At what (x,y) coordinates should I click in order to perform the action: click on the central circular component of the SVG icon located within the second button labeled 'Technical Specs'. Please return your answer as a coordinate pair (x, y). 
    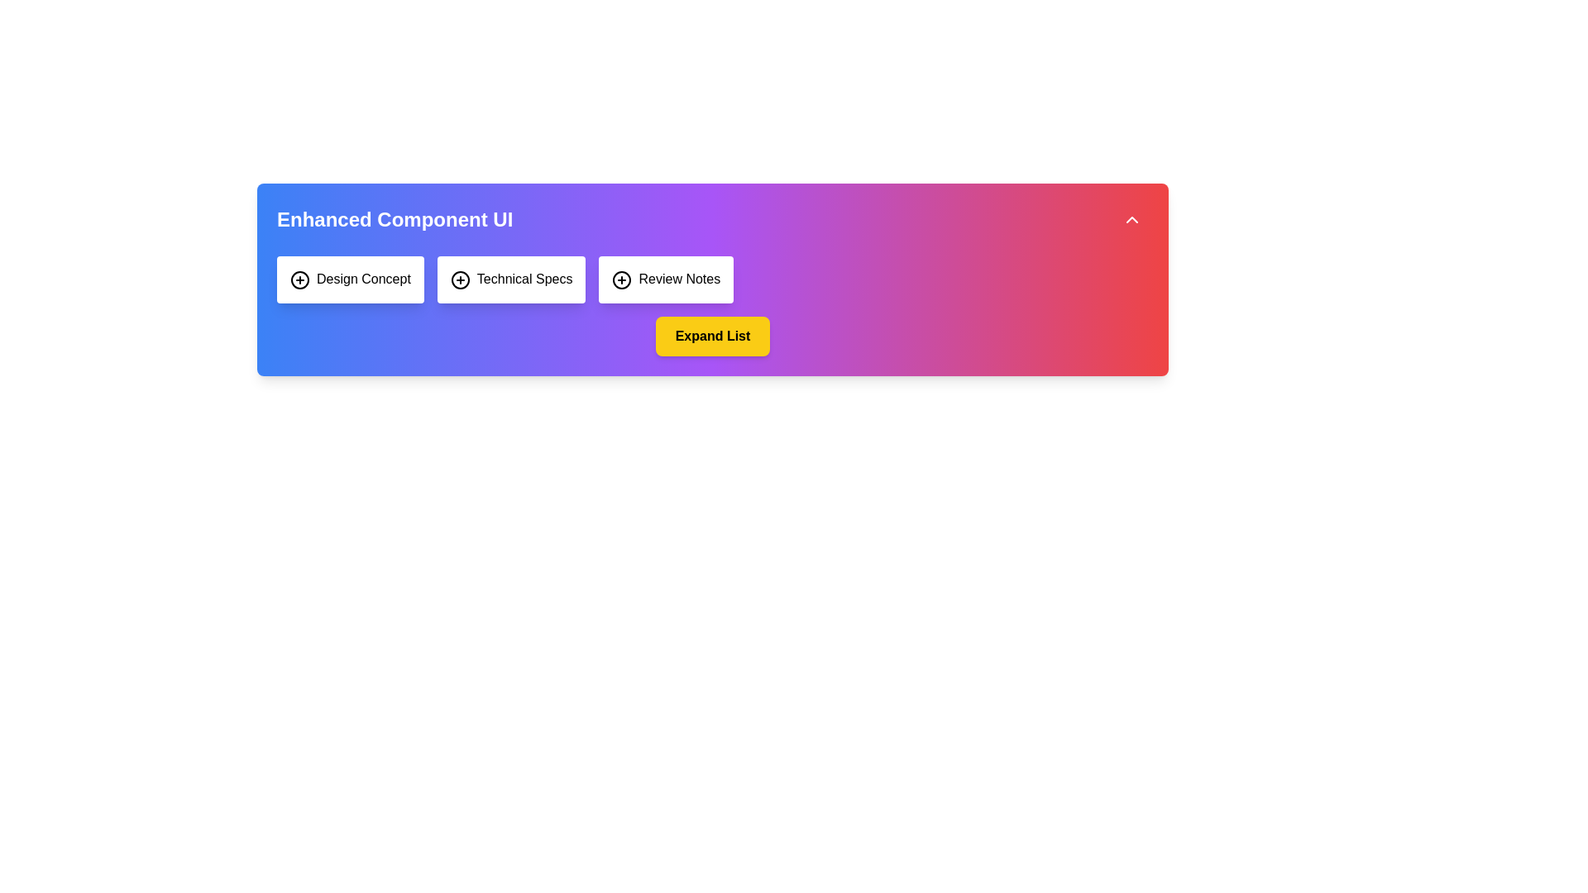
    Looking at the image, I should click on (460, 279).